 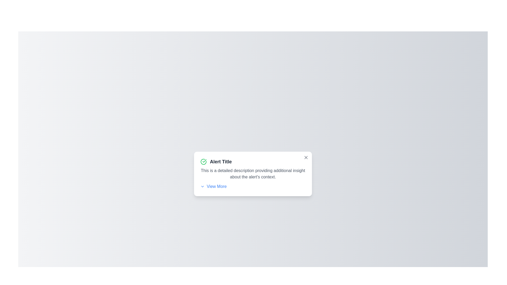 What do you see at coordinates (213, 186) in the screenshot?
I see `the 'View More' button to expand additional details` at bounding box center [213, 186].